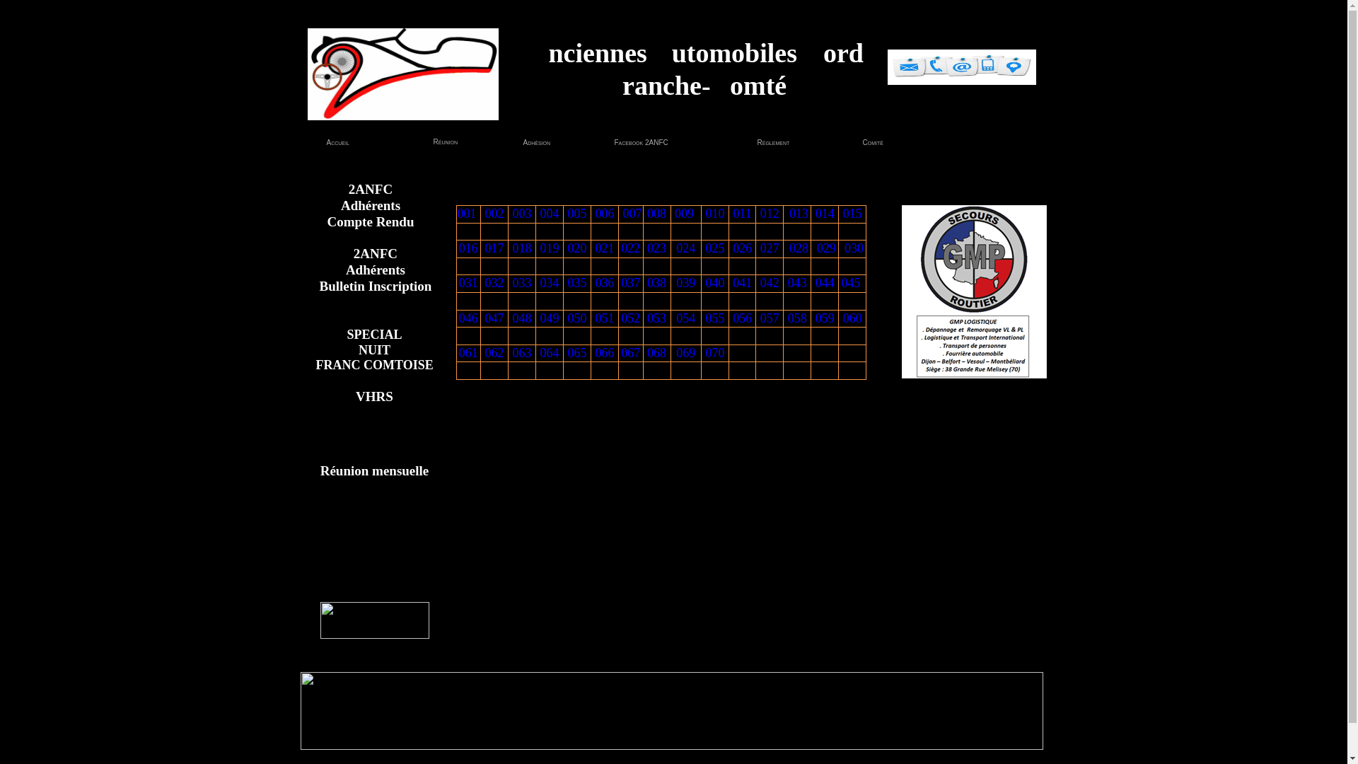 This screenshot has height=764, width=1358. Describe the element at coordinates (715, 248) in the screenshot. I see `'025'` at that location.